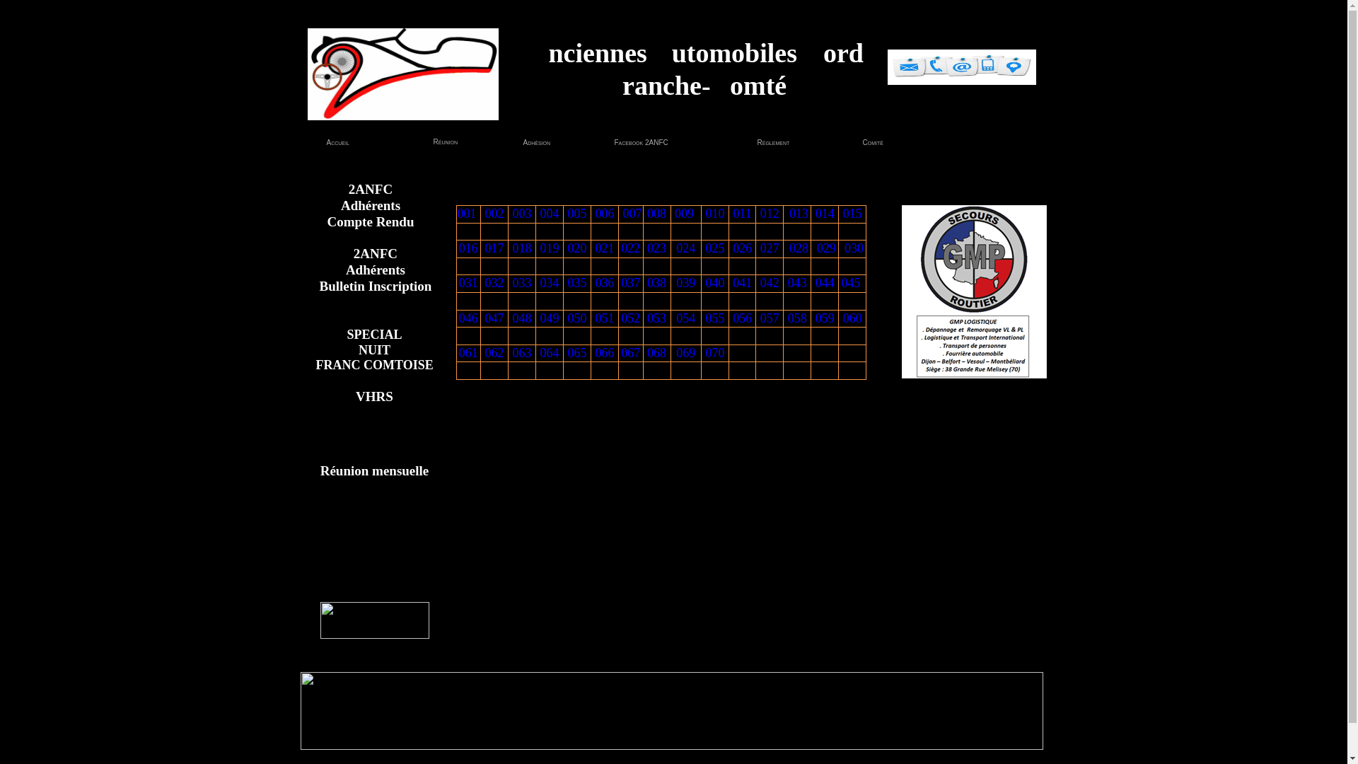 This screenshot has height=764, width=1358. Describe the element at coordinates (715, 248) in the screenshot. I see `'025'` at that location.